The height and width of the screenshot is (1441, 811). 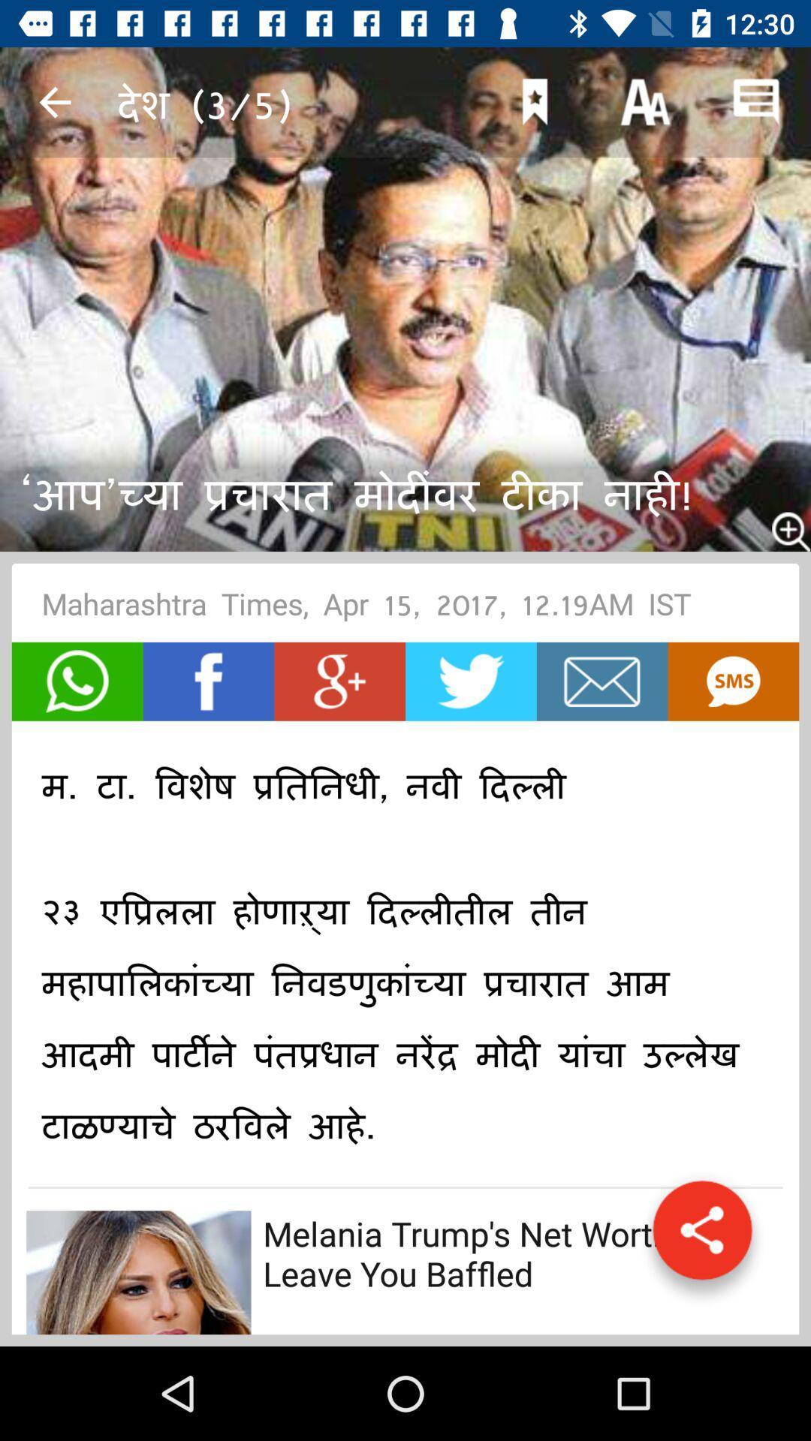 What do you see at coordinates (732, 681) in the screenshot?
I see `share article via text` at bounding box center [732, 681].